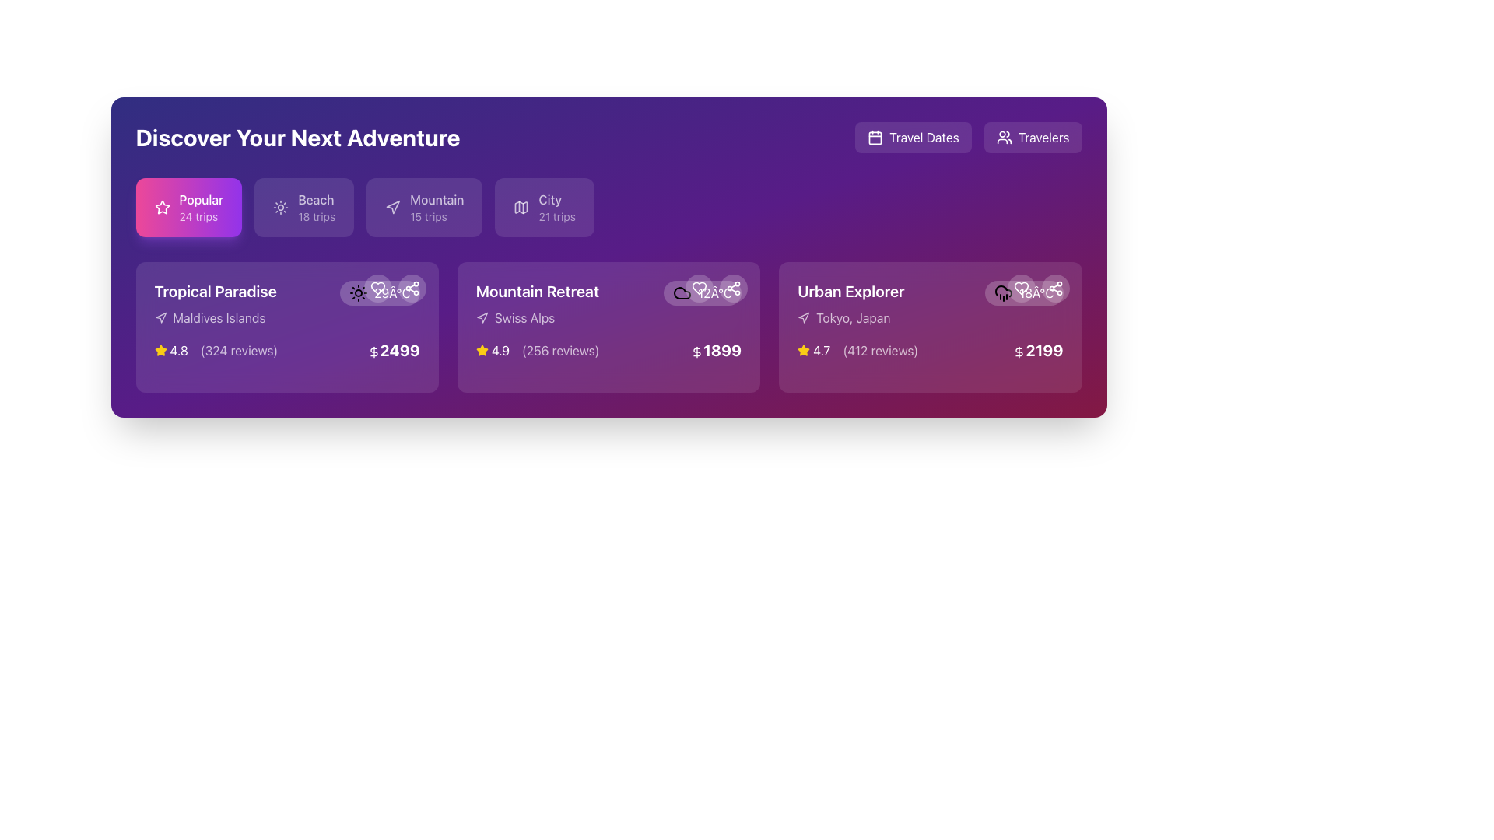  What do you see at coordinates (1033, 137) in the screenshot?
I see `the second button in the row, labeled 'Travelers'` at bounding box center [1033, 137].